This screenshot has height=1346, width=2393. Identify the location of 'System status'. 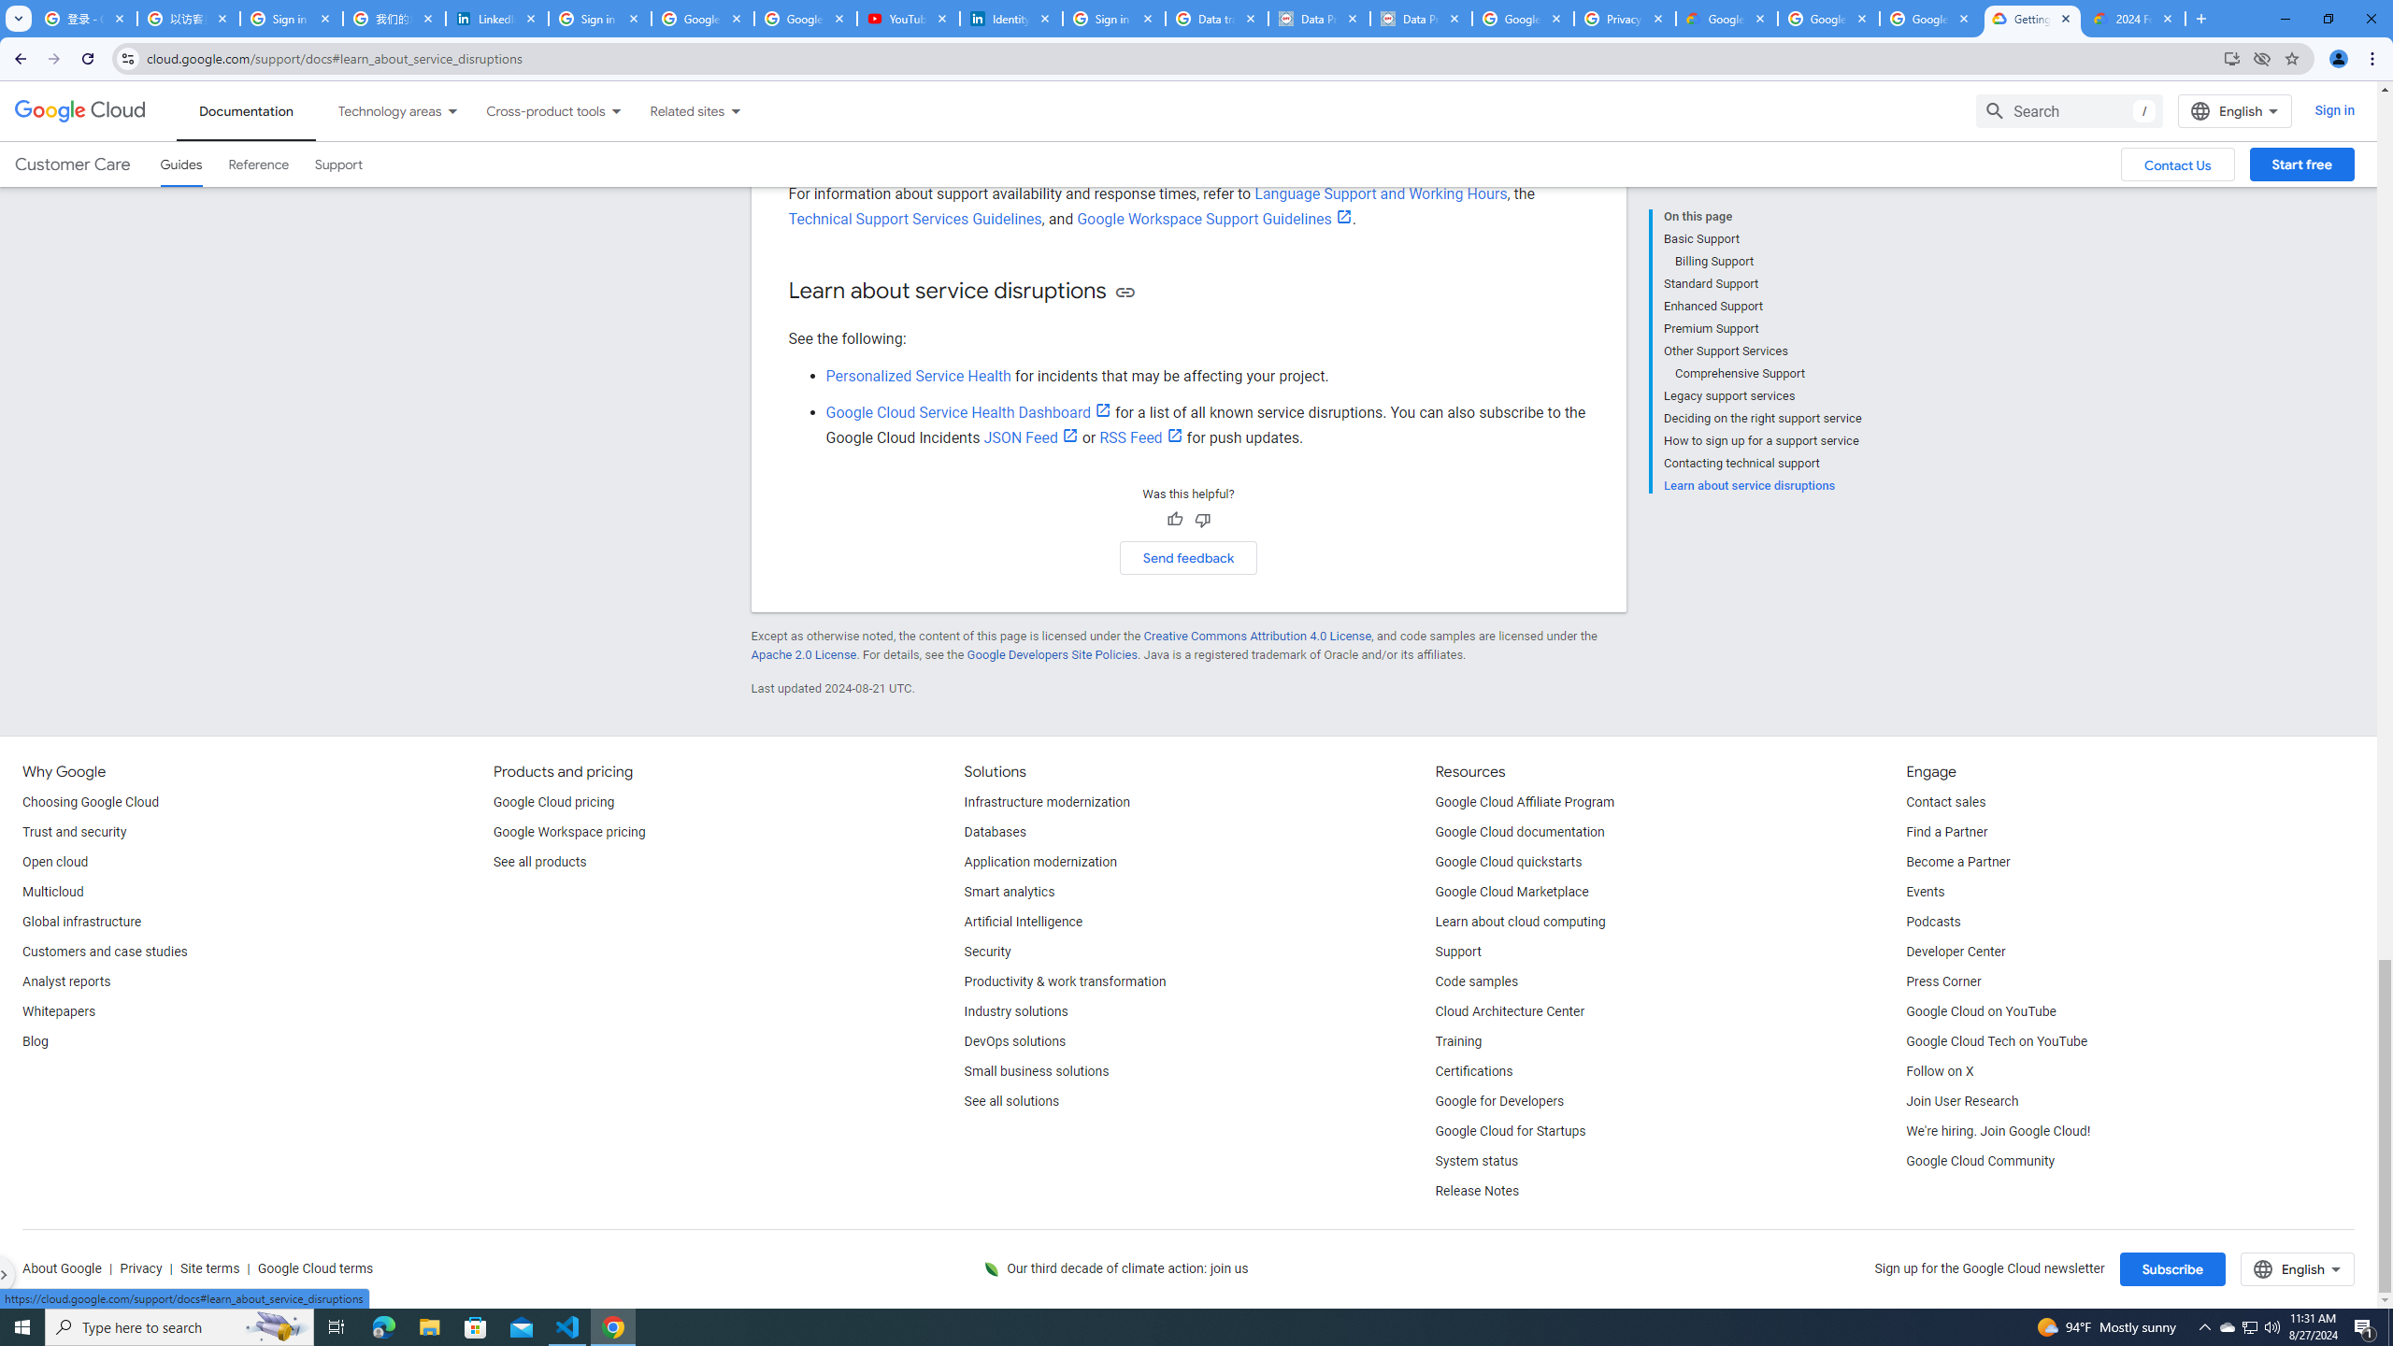
(1476, 1160).